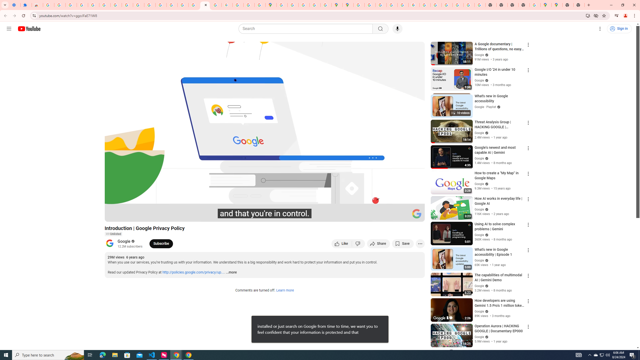 This screenshot has width=640, height=360. I want to click on 'Theater mode (t)', so click(403, 215).